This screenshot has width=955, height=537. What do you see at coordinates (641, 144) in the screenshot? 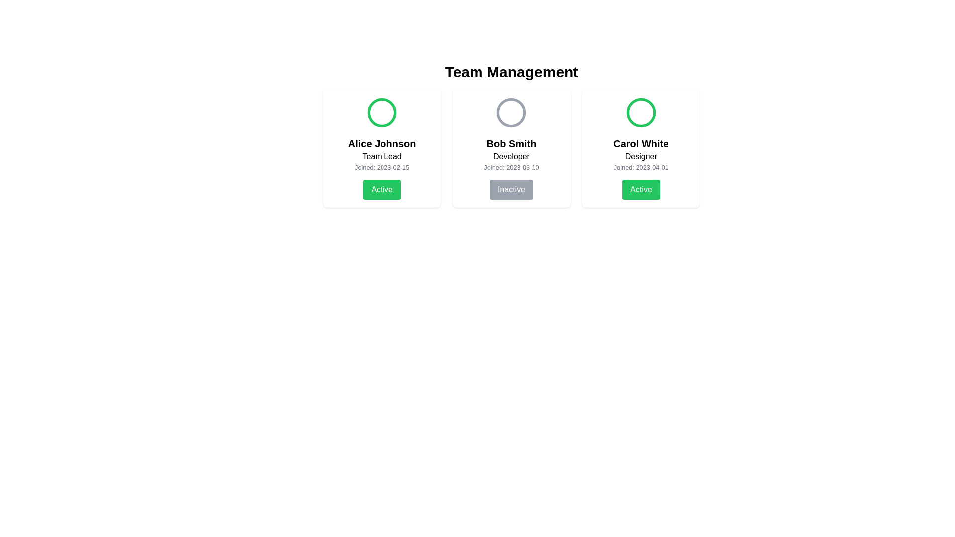
I see `the text label displaying the name 'Carol White', which is styled in a bold font and located at the center of the third user information card, above the role title 'Designer'` at bounding box center [641, 144].